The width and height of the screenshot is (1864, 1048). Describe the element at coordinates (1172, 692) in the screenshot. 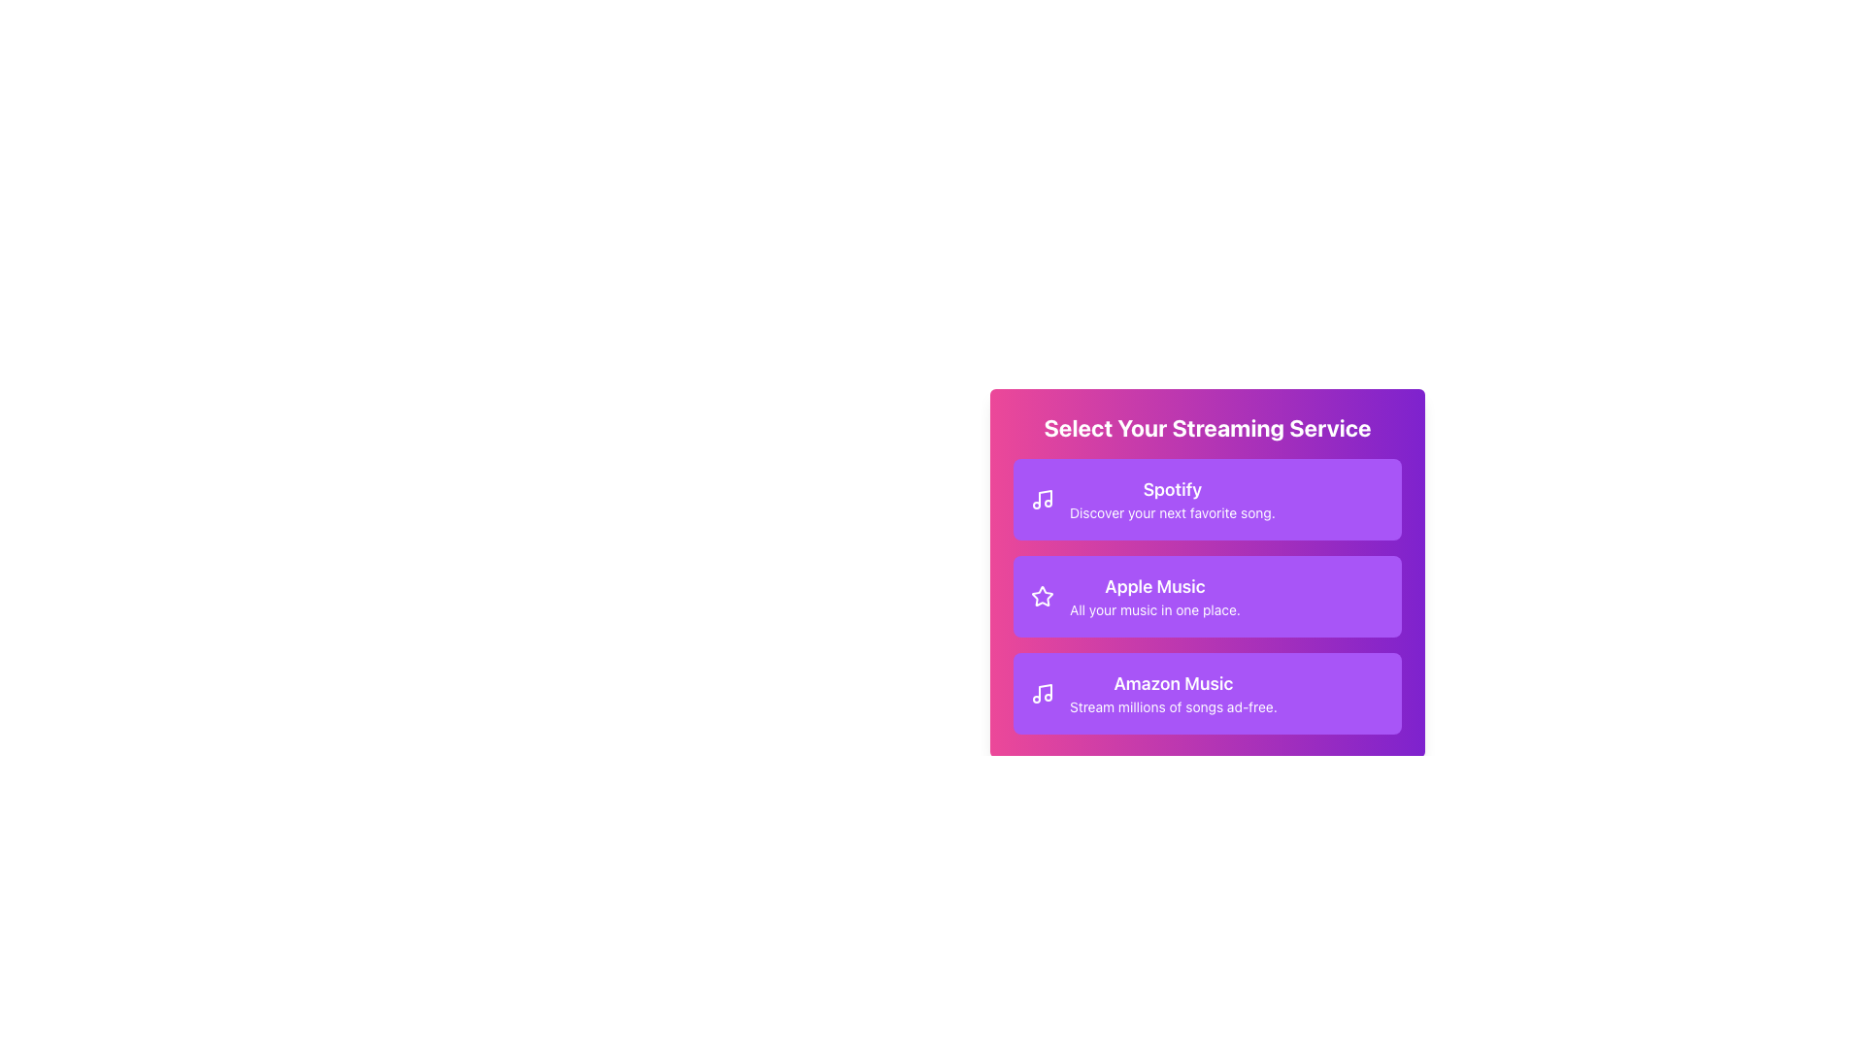

I see `the 'Amazon Music' button located at the bottom of the vertical list of options in the 'Select Your Streaming Service' card` at that location.